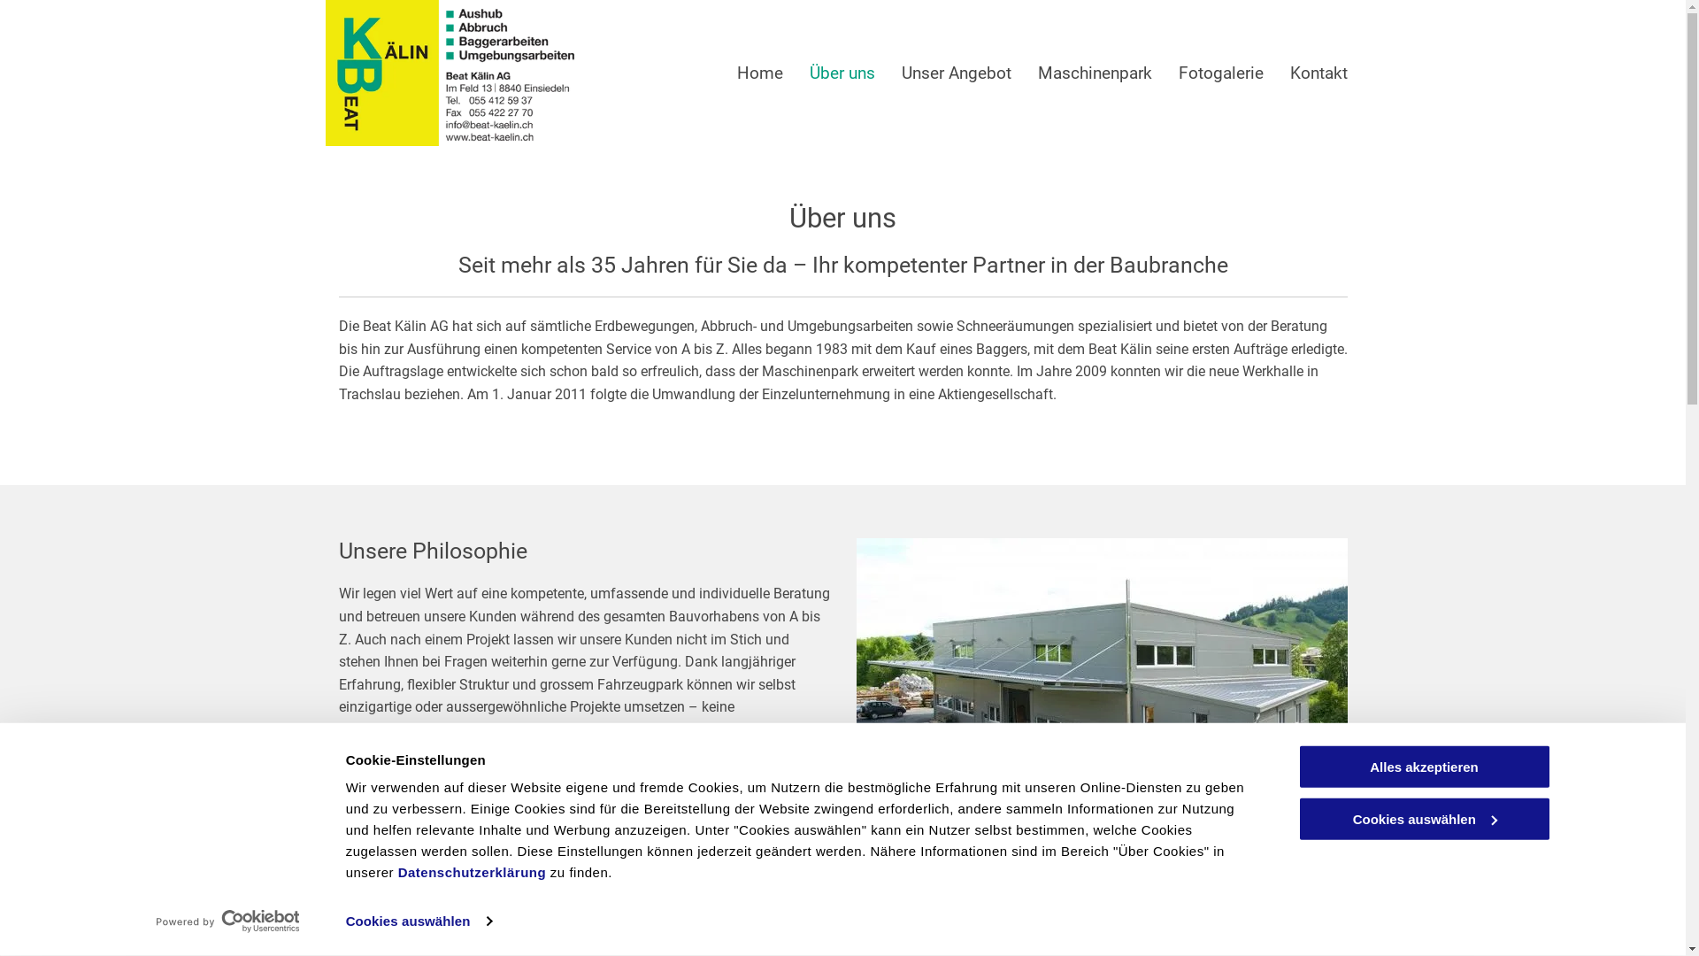 Image resolution: width=1699 pixels, height=956 pixels. I want to click on 'Fotogalerie', so click(1220, 72).